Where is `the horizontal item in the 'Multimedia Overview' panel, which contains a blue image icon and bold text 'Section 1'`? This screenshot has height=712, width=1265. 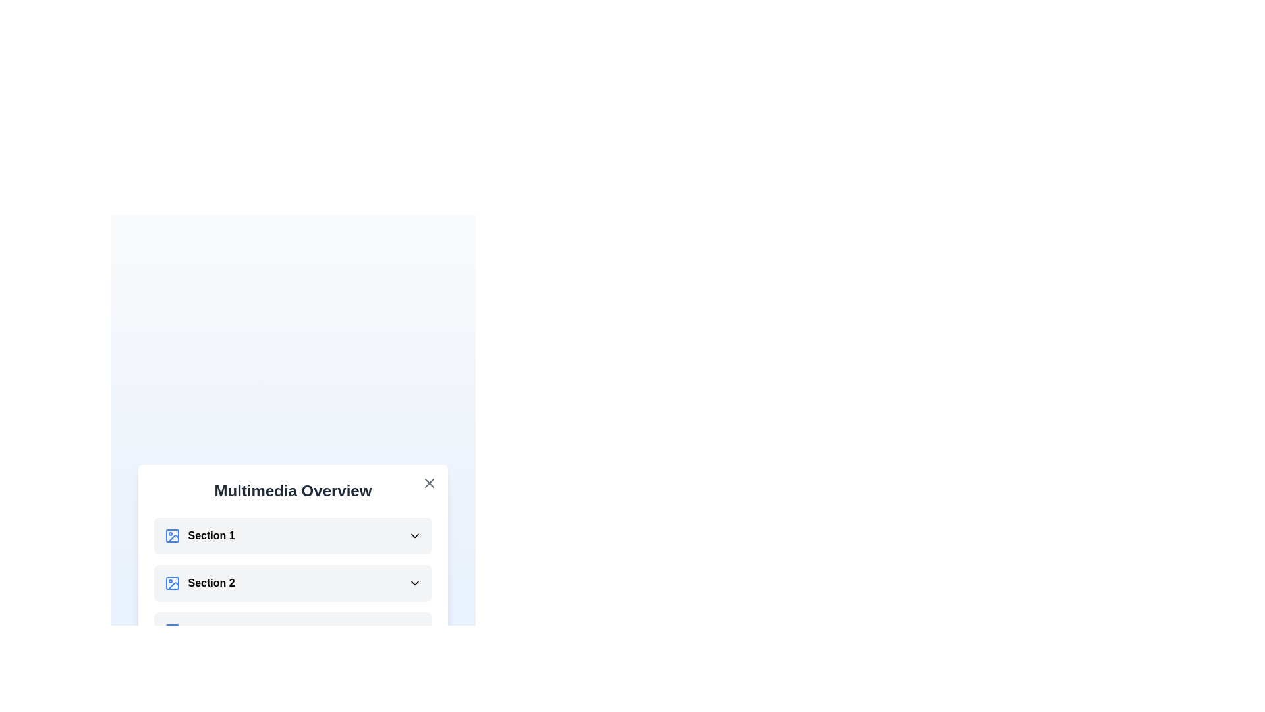
the horizontal item in the 'Multimedia Overview' panel, which contains a blue image icon and bold text 'Section 1' is located at coordinates (199, 536).